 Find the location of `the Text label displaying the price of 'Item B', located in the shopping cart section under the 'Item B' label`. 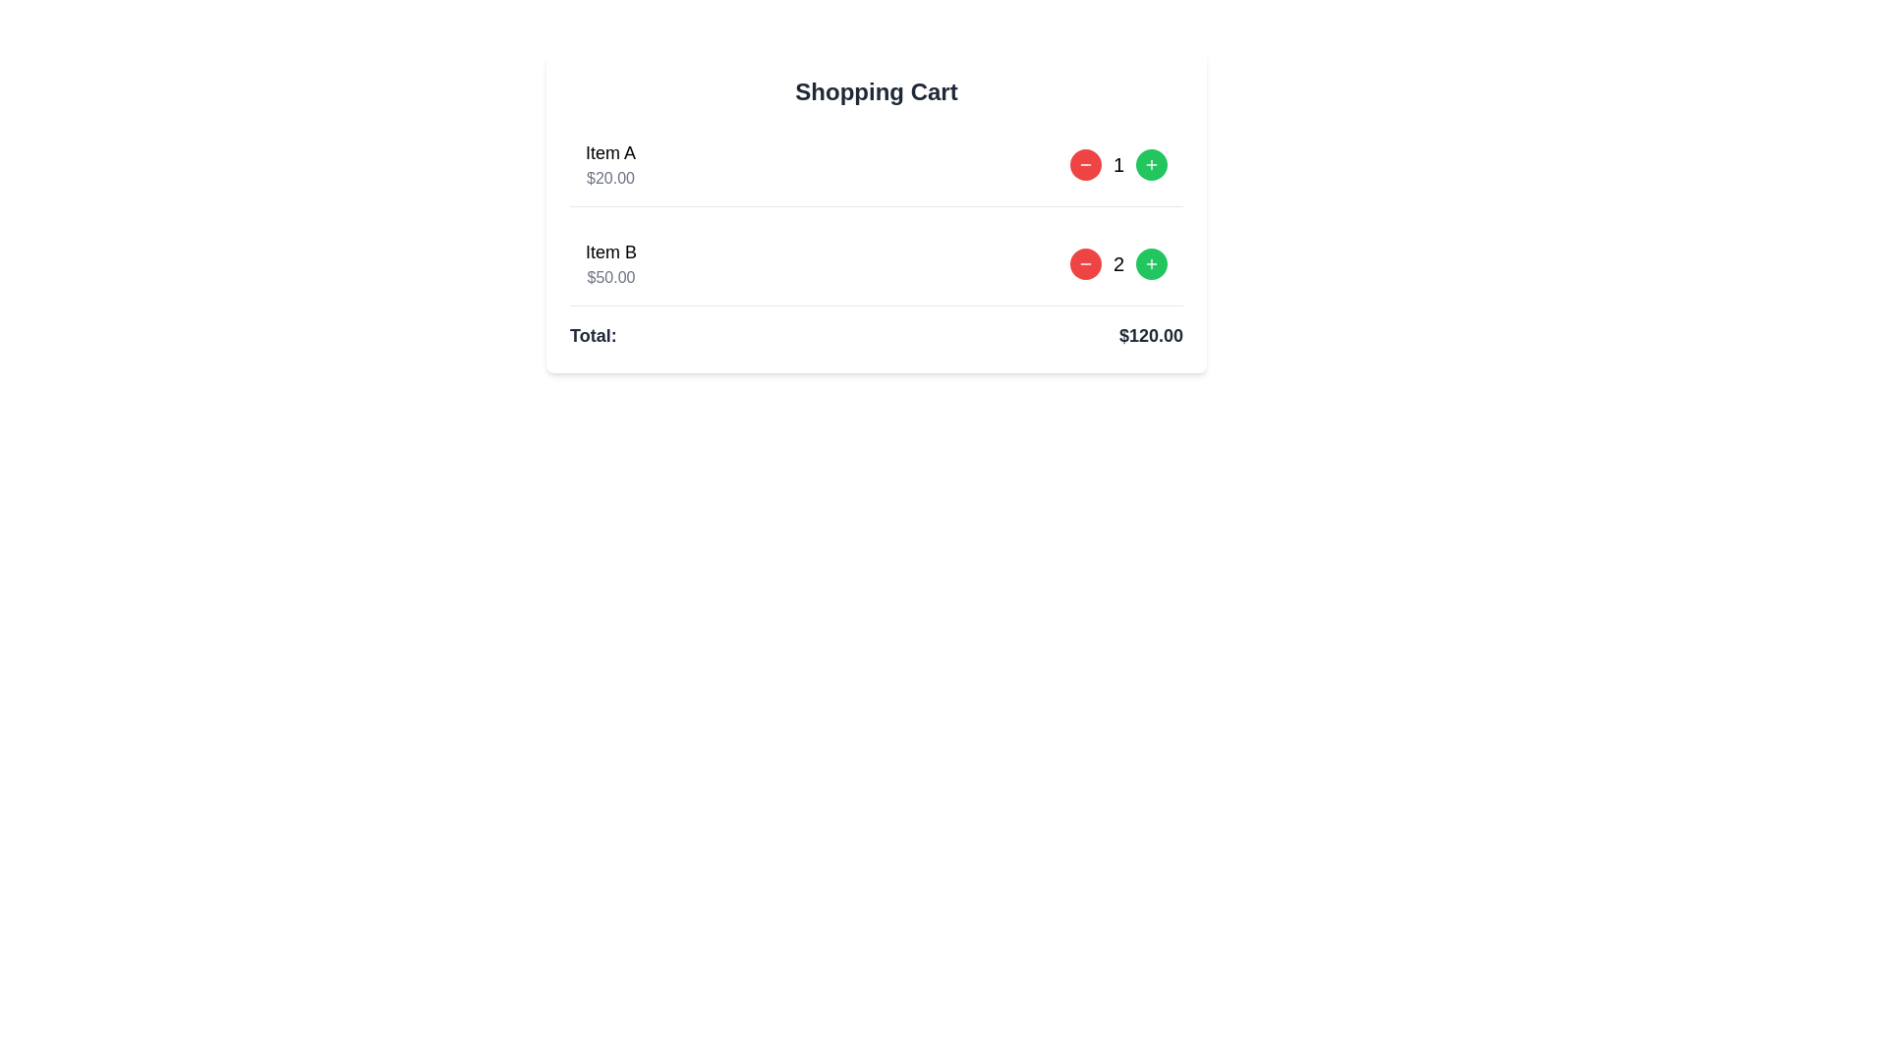

the Text label displaying the price of 'Item B', located in the shopping cart section under the 'Item B' label is located at coordinates (610, 277).